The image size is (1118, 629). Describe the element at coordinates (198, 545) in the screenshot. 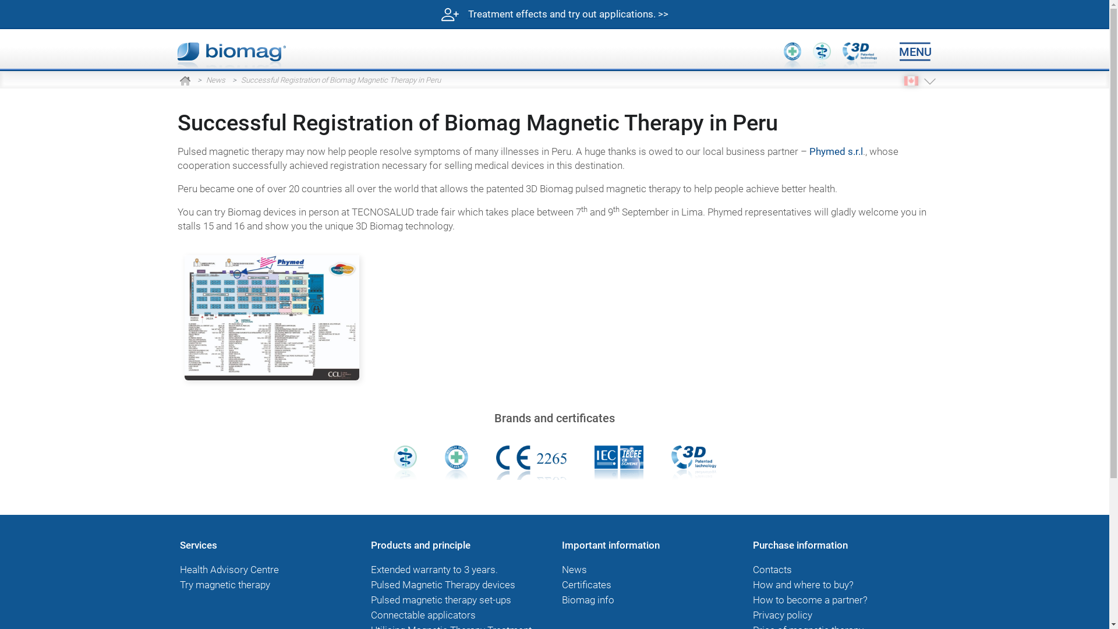

I see `'Services'` at that location.